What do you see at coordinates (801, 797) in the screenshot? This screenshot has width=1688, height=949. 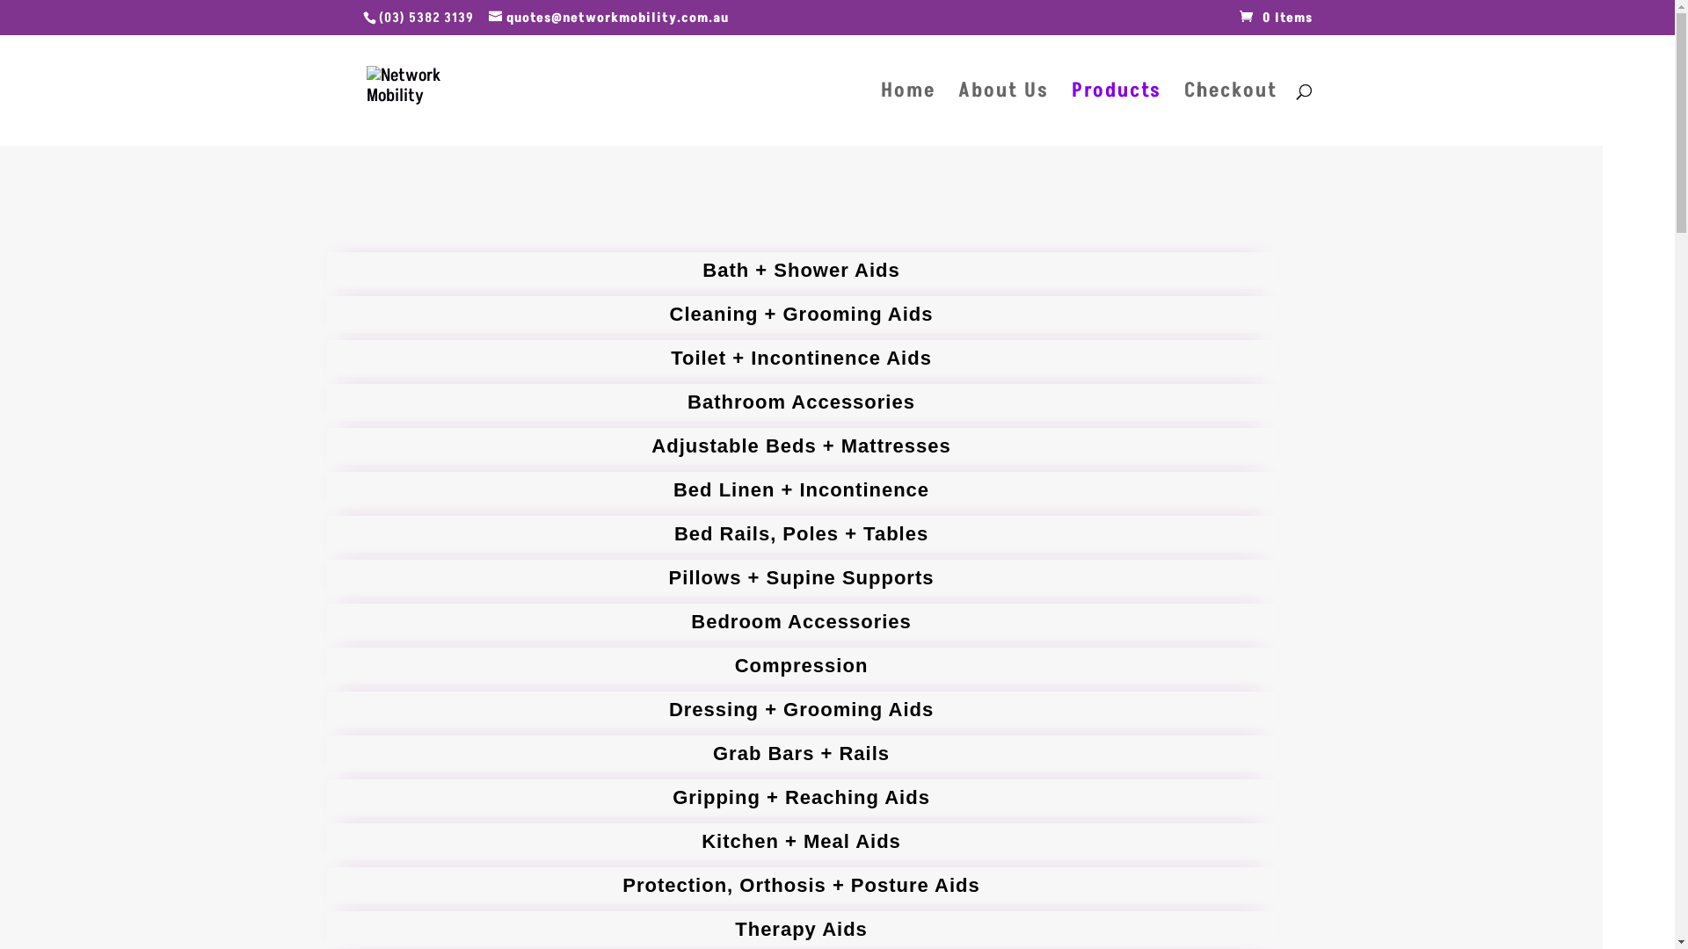 I see `'Gripping + Reaching Aids'` at bounding box center [801, 797].